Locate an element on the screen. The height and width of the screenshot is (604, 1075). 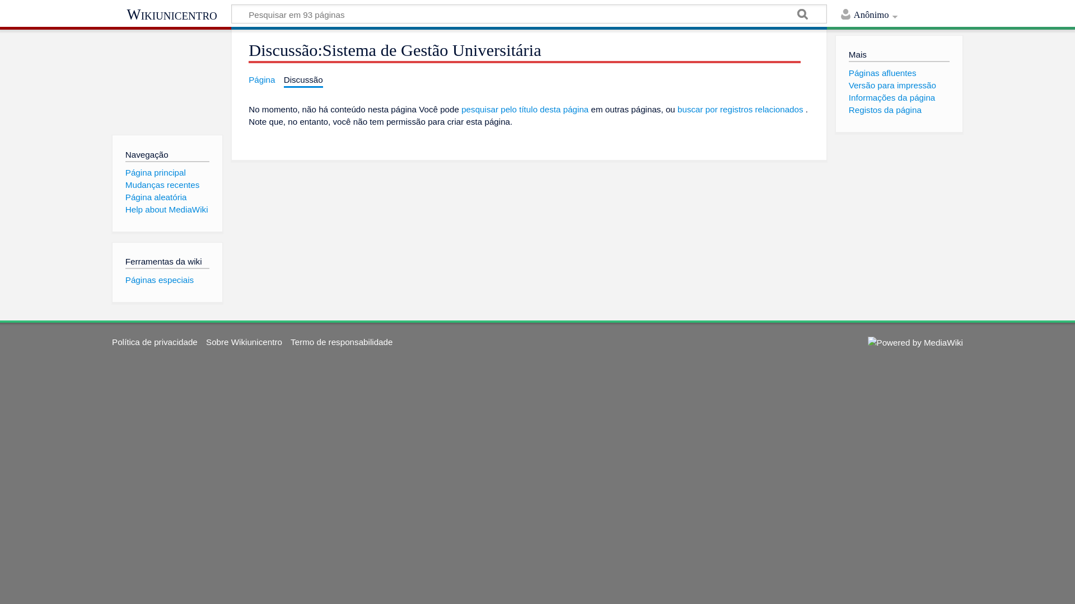
'Sobre Wikiunicentro' is located at coordinates (244, 341).